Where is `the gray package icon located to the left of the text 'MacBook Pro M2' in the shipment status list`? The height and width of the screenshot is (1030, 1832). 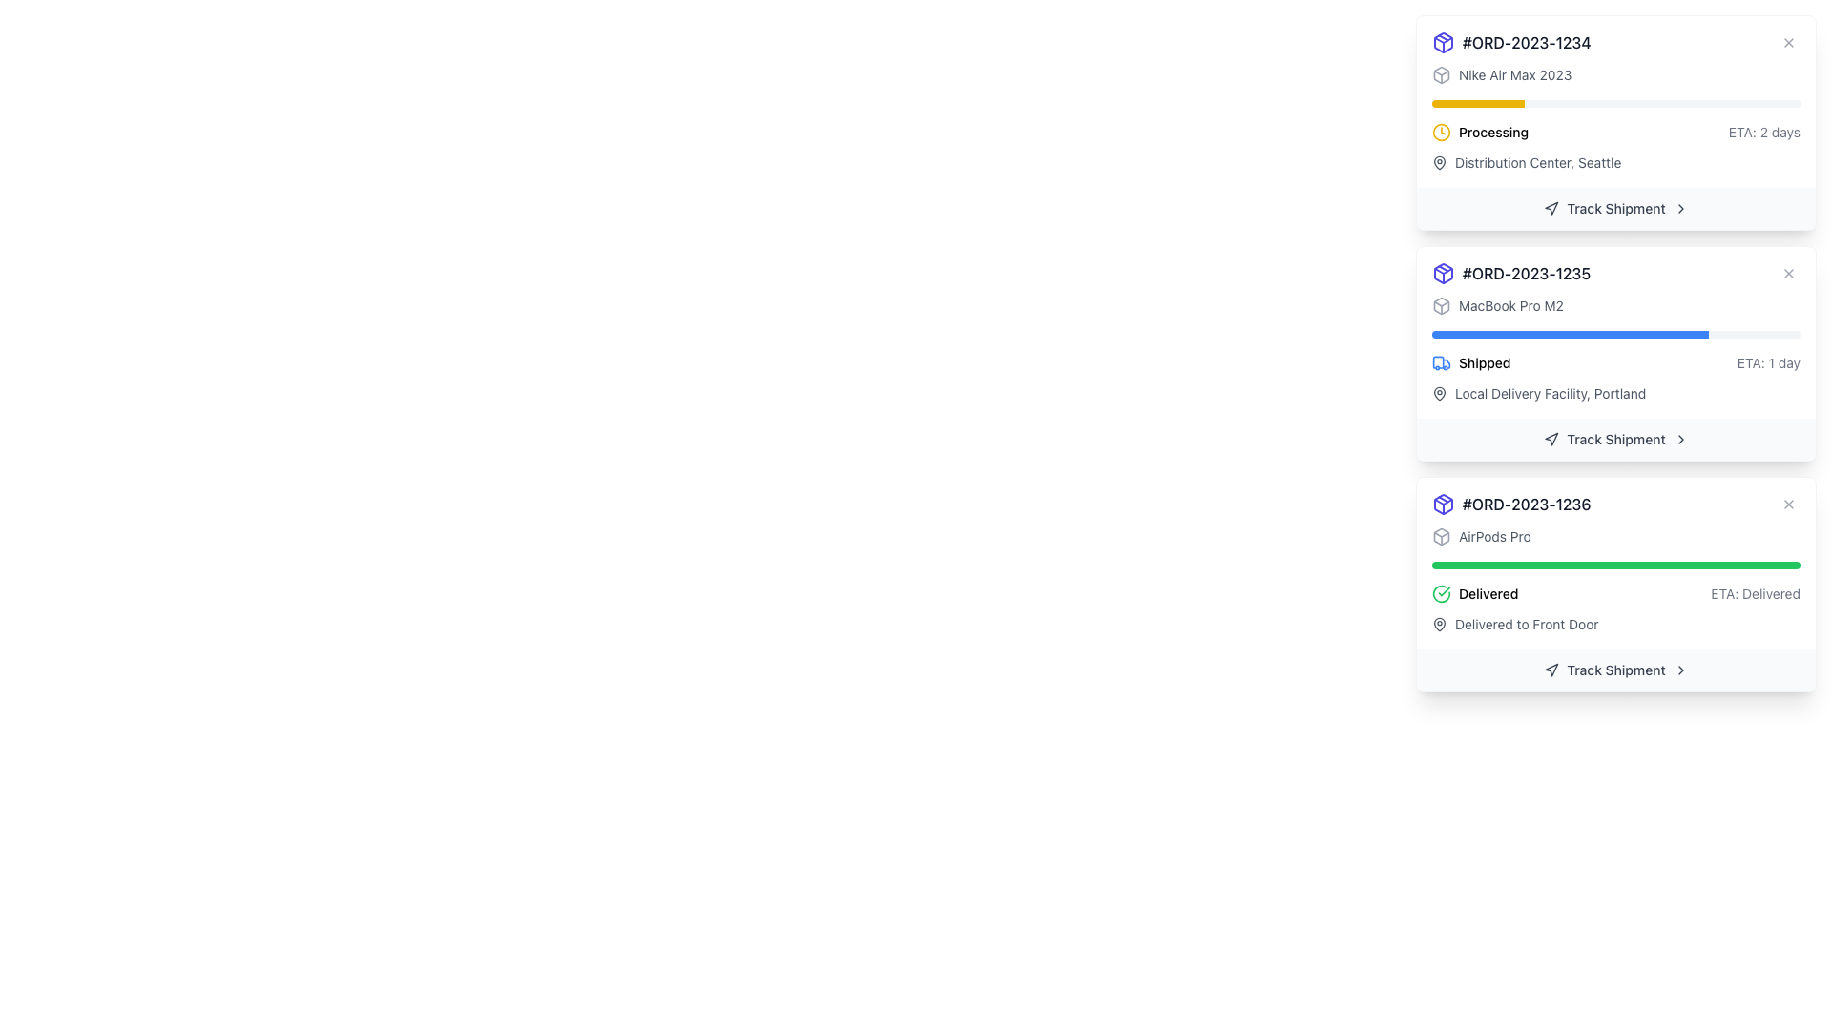 the gray package icon located to the left of the text 'MacBook Pro M2' in the shipment status list is located at coordinates (1442, 304).